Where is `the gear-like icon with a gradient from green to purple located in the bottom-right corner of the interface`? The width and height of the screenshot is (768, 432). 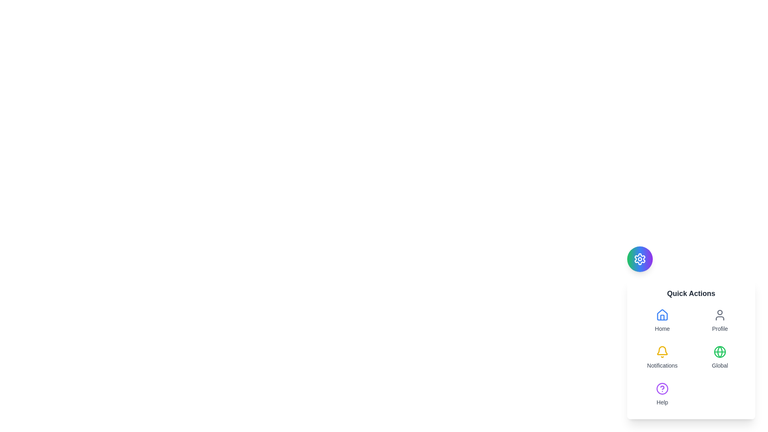
the gear-like icon with a gradient from green to purple located in the bottom-right corner of the interface is located at coordinates (639, 259).